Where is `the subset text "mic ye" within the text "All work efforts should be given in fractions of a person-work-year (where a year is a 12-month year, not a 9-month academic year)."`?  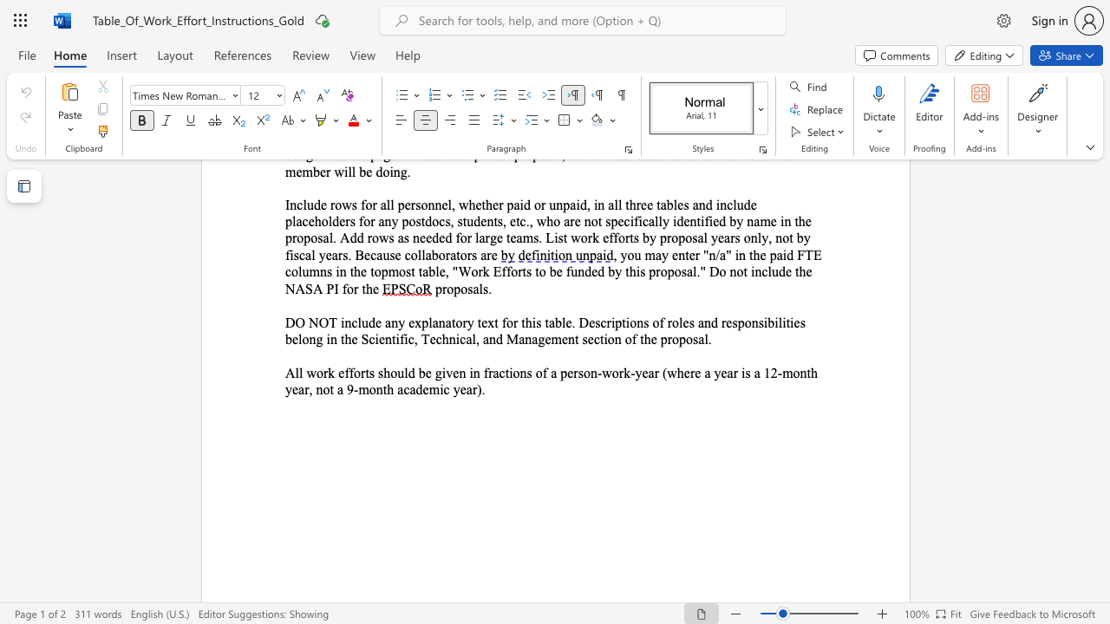
the subset text "mic ye" within the text "All work efforts should be given in fractions of a person-work-year (where a year is a 12-month year, not a 9-month academic year)." is located at coordinates (428, 388).